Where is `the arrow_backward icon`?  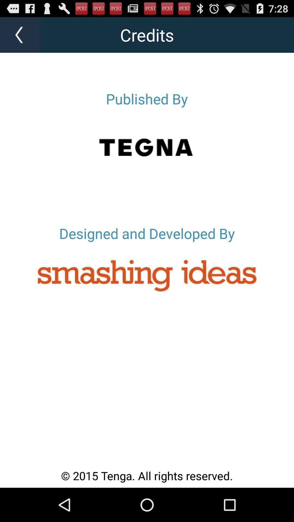
the arrow_backward icon is located at coordinates (20, 37).